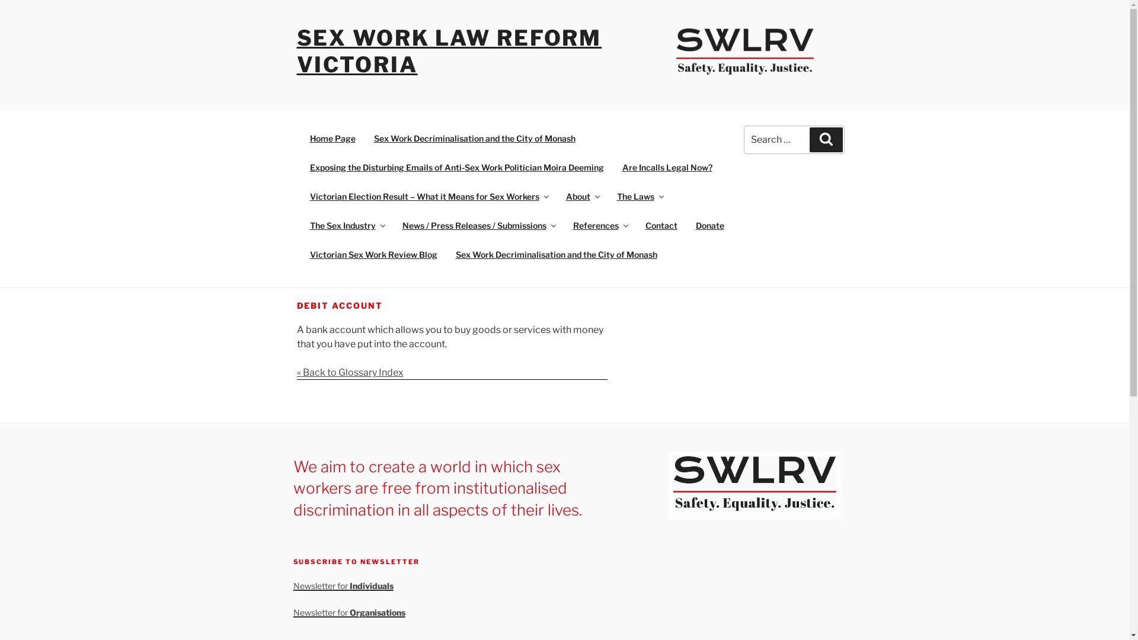  What do you see at coordinates (710, 225) in the screenshot?
I see `'Donate'` at bounding box center [710, 225].